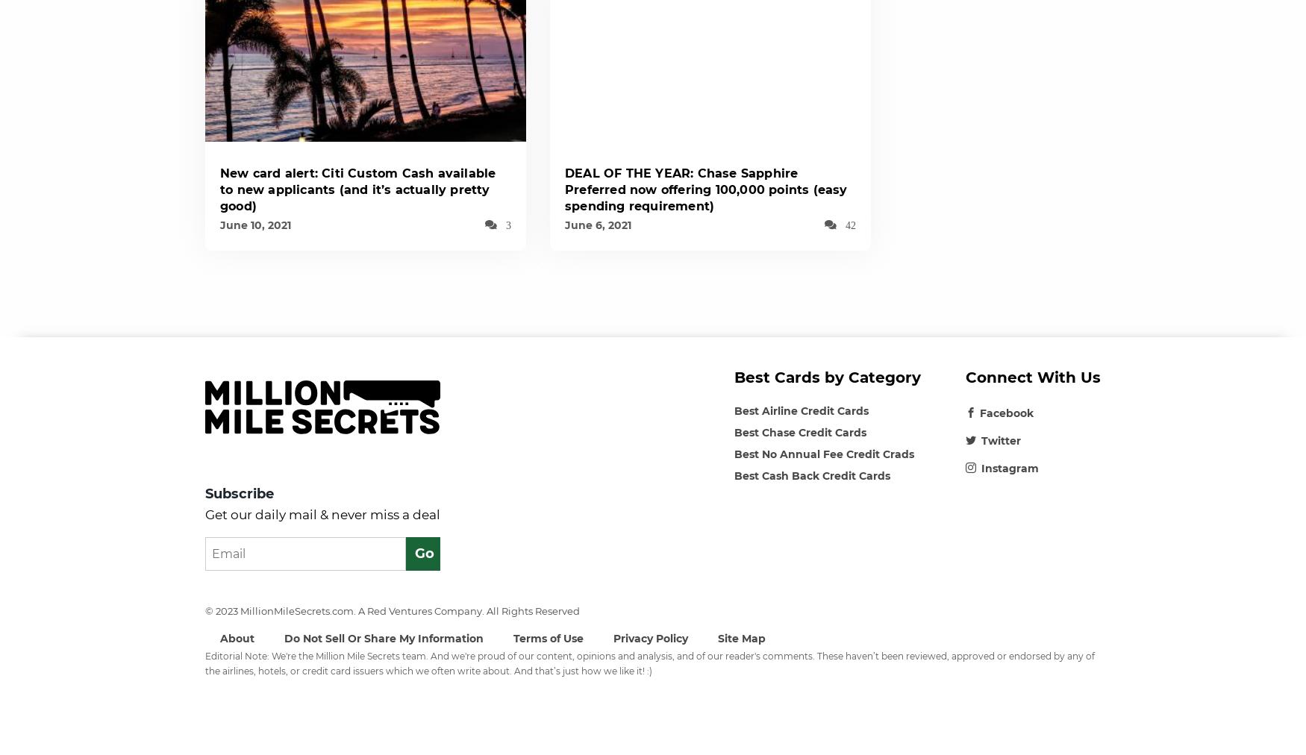 This screenshot has width=1306, height=755. Describe the element at coordinates (507, 223) in the screenshot. I see `'3'` at that location.